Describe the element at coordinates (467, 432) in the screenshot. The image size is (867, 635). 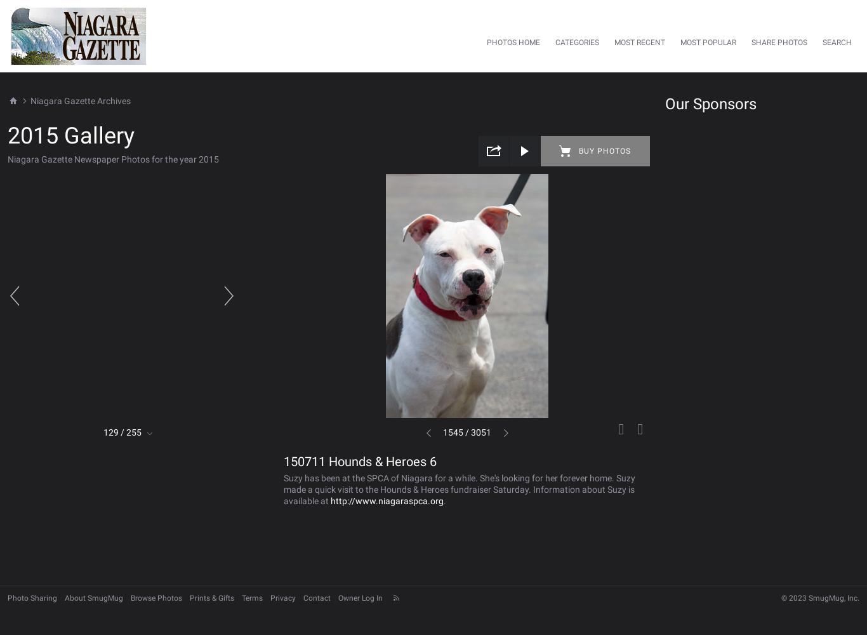
I see `'1545 / 3051'` at that location.